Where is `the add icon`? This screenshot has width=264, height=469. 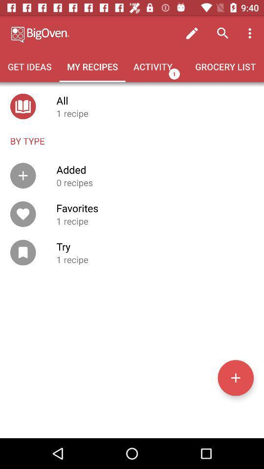 the add icon is located at coordinates (235, 377).